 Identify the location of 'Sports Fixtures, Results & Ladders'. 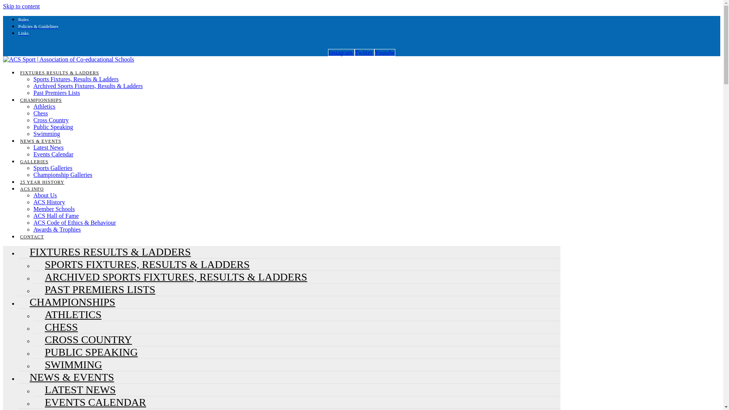
(76, 79).